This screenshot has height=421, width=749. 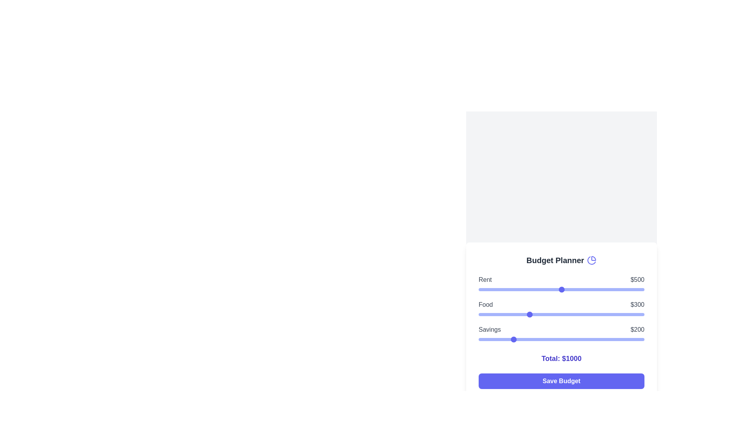 I want to click on the element displaying the total budget to focus on it, so click(x=561, y=359).